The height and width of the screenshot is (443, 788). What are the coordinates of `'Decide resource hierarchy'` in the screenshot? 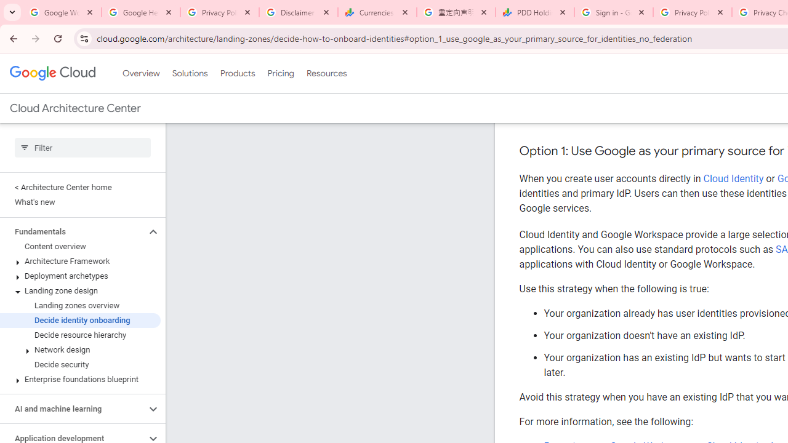 It's located at (79, 335).